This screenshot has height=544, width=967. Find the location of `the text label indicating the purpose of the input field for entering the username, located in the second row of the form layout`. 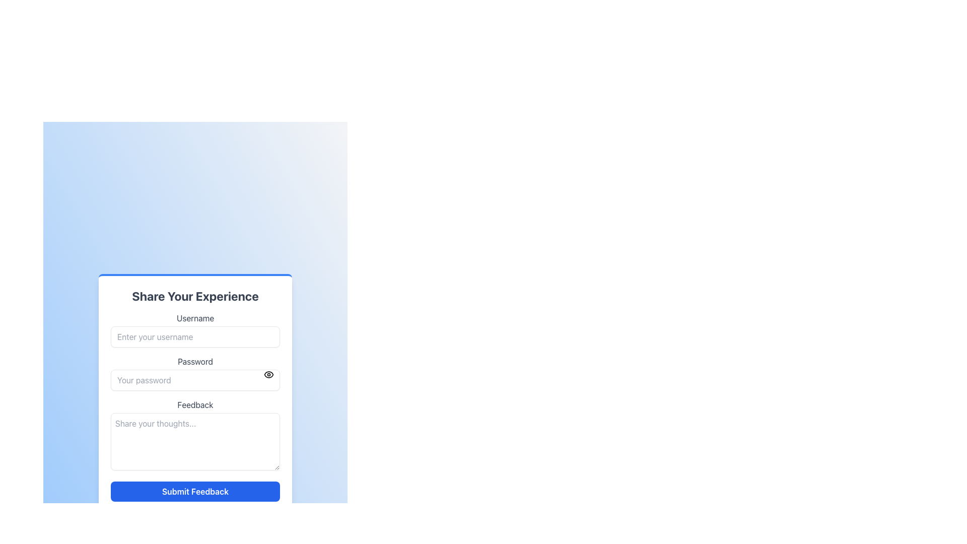

the text label indicating the purpose of the input field for entering the username, located in the second row of the form layout is located at coordinates (195, 318).